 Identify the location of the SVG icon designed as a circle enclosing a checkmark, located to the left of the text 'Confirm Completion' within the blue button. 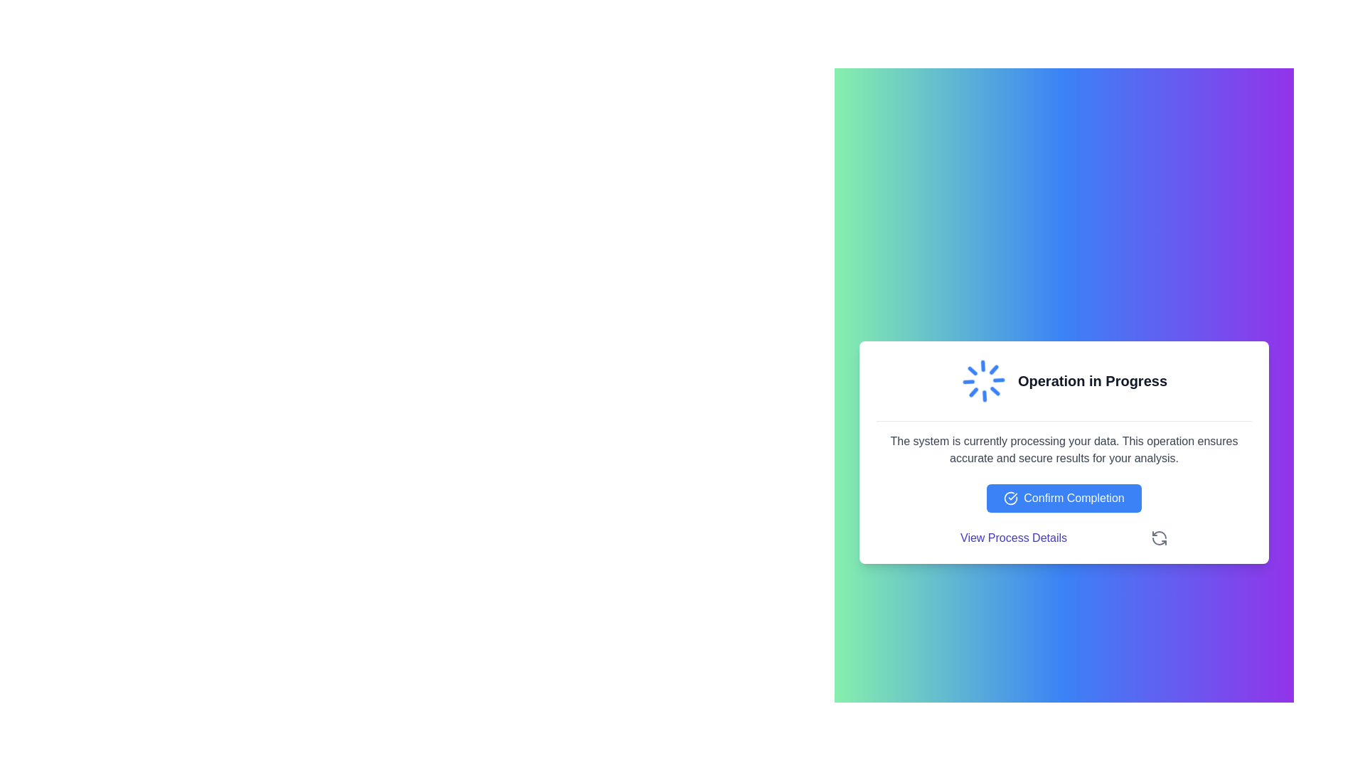
(1010, 497).